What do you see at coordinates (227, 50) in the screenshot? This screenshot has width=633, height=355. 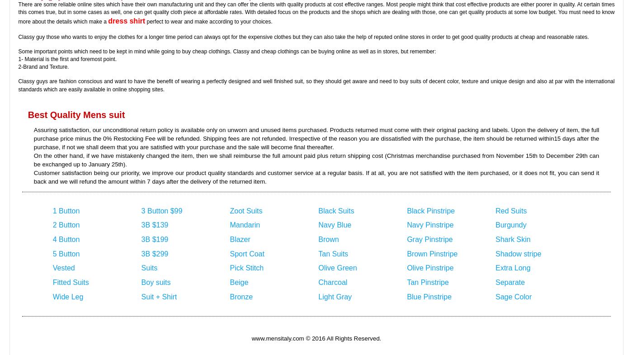 I see `'Some important points which need to be kept in mind while going to buy cheap clothings. Classy and cheap clothings can be buying online as well as in stores, but remember:'` at bounding box center [227, 50].